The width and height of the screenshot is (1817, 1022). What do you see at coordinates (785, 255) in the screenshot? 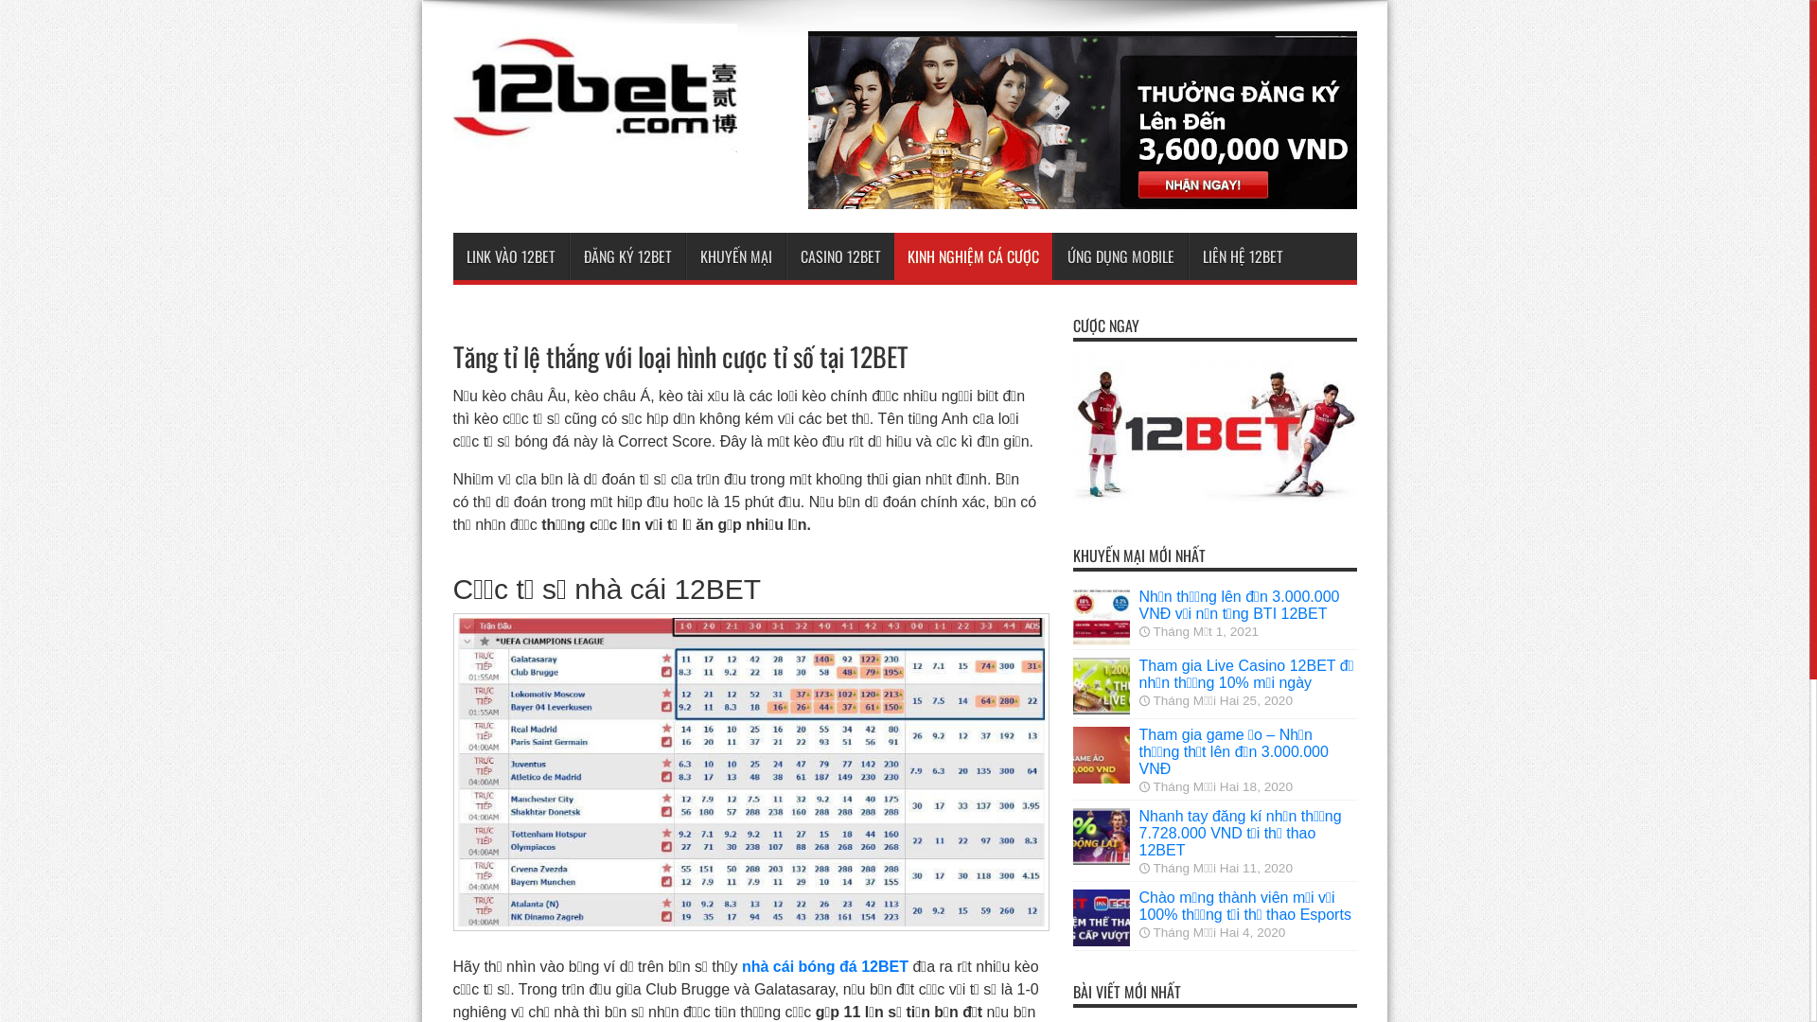
I see `'CASINO 12BET'` at bounding box center [785, 255].